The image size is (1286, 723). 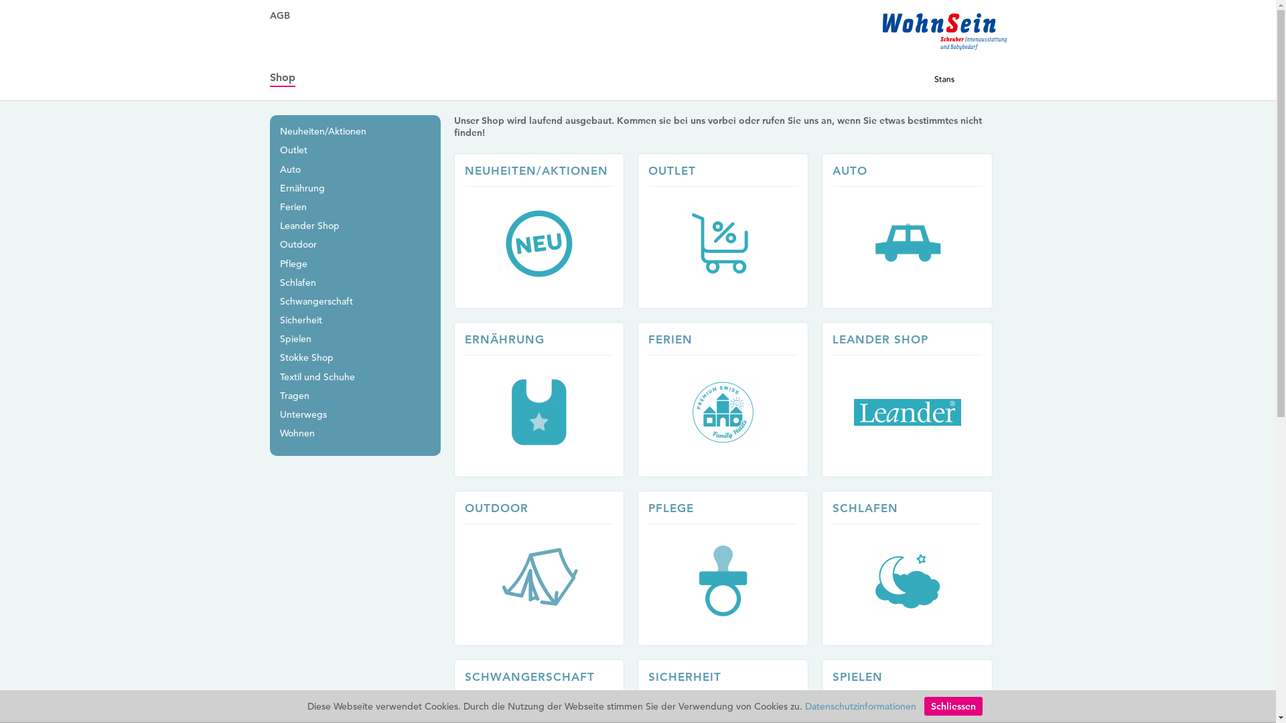 What do you see at coordinates (281, 78) in the screenshot?
I see `'Shop'` at bounding box center [281, 78].